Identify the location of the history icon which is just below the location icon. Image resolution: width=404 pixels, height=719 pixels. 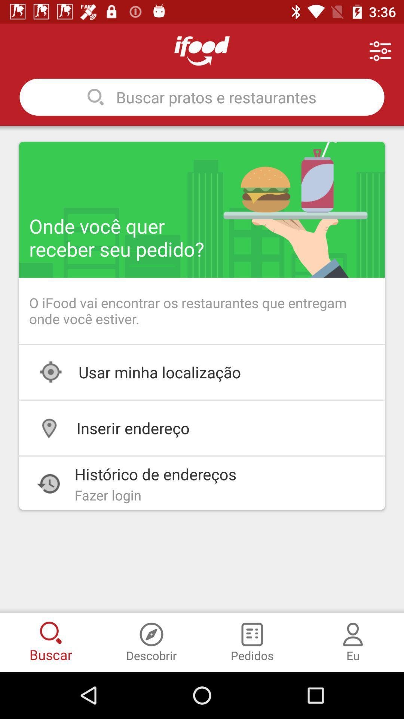
(48, 483).